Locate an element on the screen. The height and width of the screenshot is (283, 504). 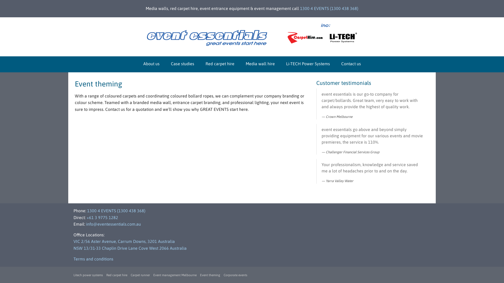
'VIC 2/56 Aster Avenue, Carrum Downs, 3201 Australia' is located at coordinates (124, 241).